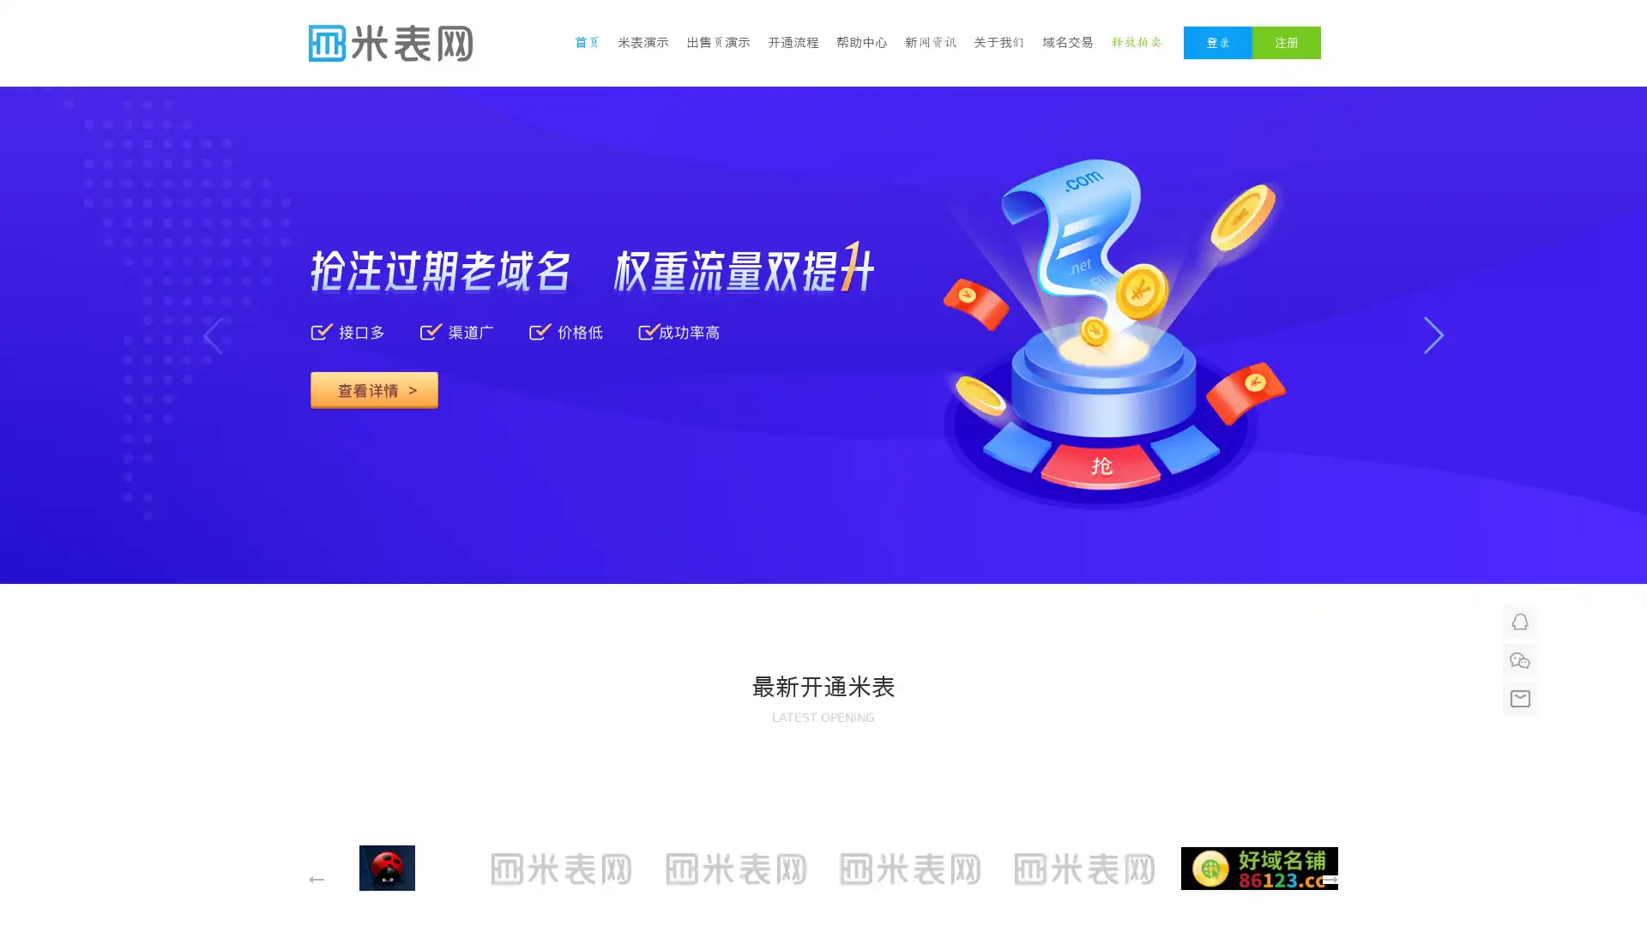 Image resolution: width=1647 pixels, height=926 pixels. Describe the element at coordinates (212, 335) in the screenshot. I see `Previous slide` at that location.